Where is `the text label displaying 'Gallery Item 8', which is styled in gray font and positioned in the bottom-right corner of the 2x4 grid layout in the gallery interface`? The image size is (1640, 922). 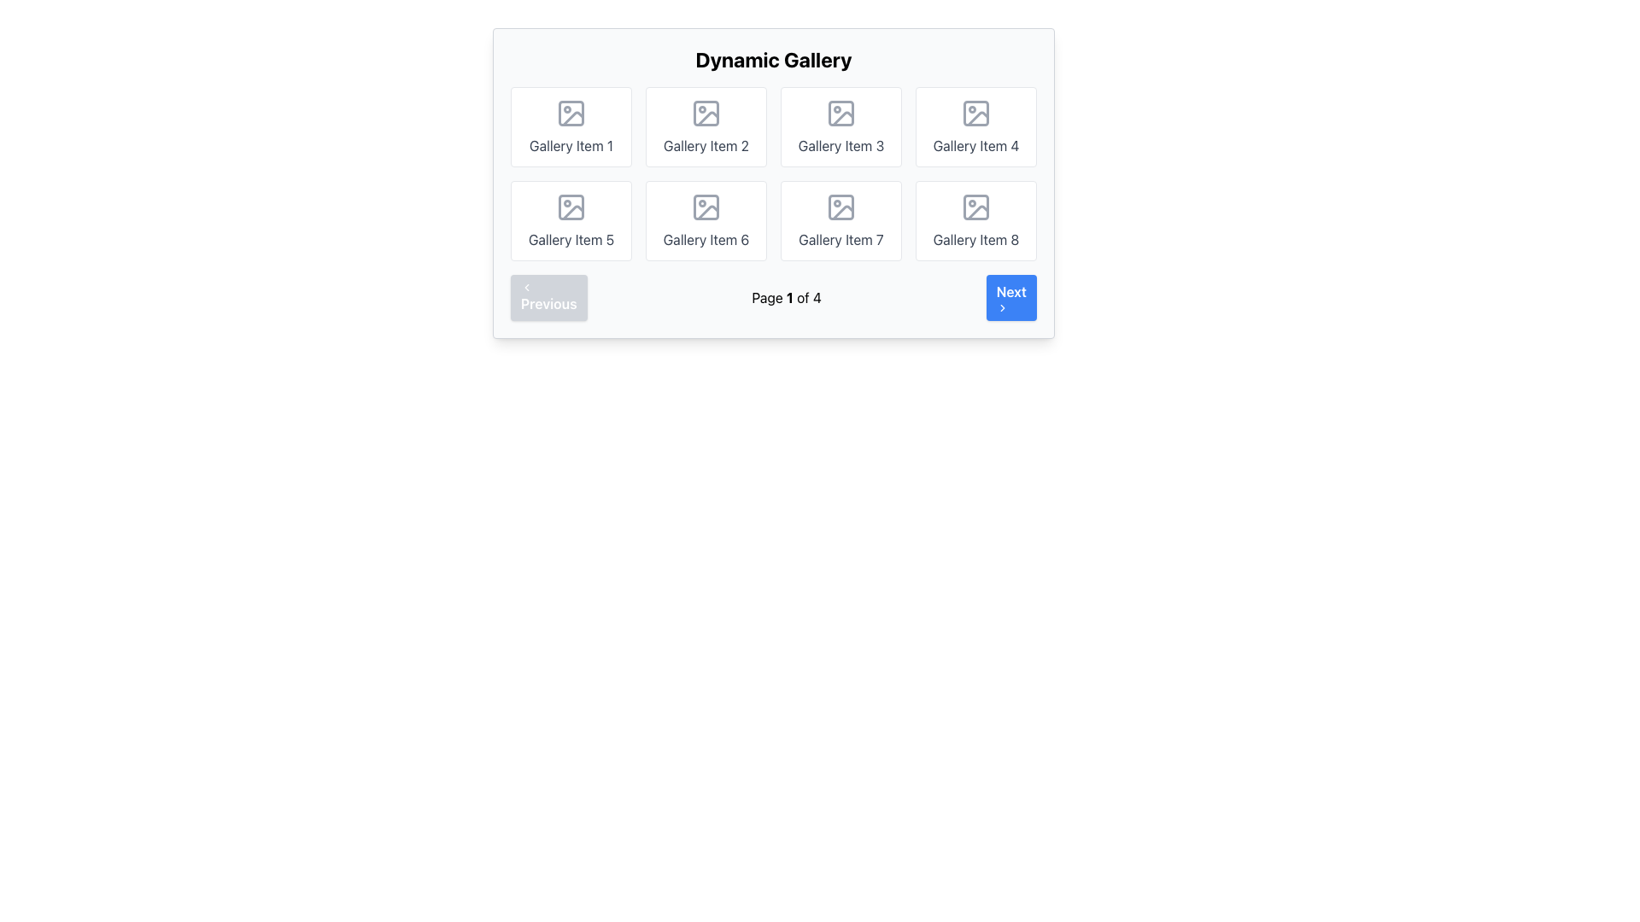 the text label displaying 'Gallery Item 8', which is styled in gray font and positioned in the bottom-right corner of the 2x4 grid layout in the gallery interface is located at coordinates (975, 240).